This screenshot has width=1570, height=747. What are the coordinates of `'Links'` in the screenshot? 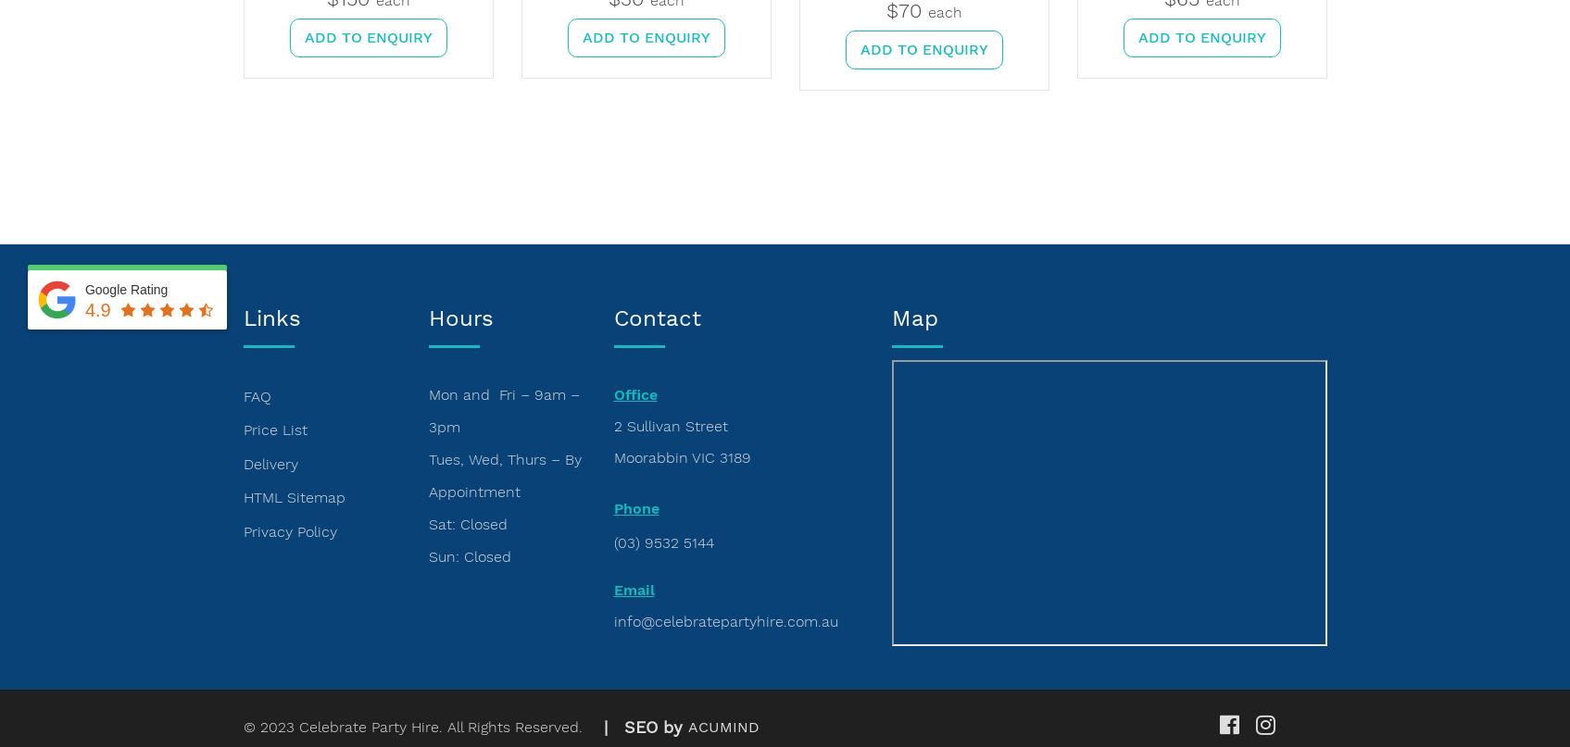 It's located at (243, 318).